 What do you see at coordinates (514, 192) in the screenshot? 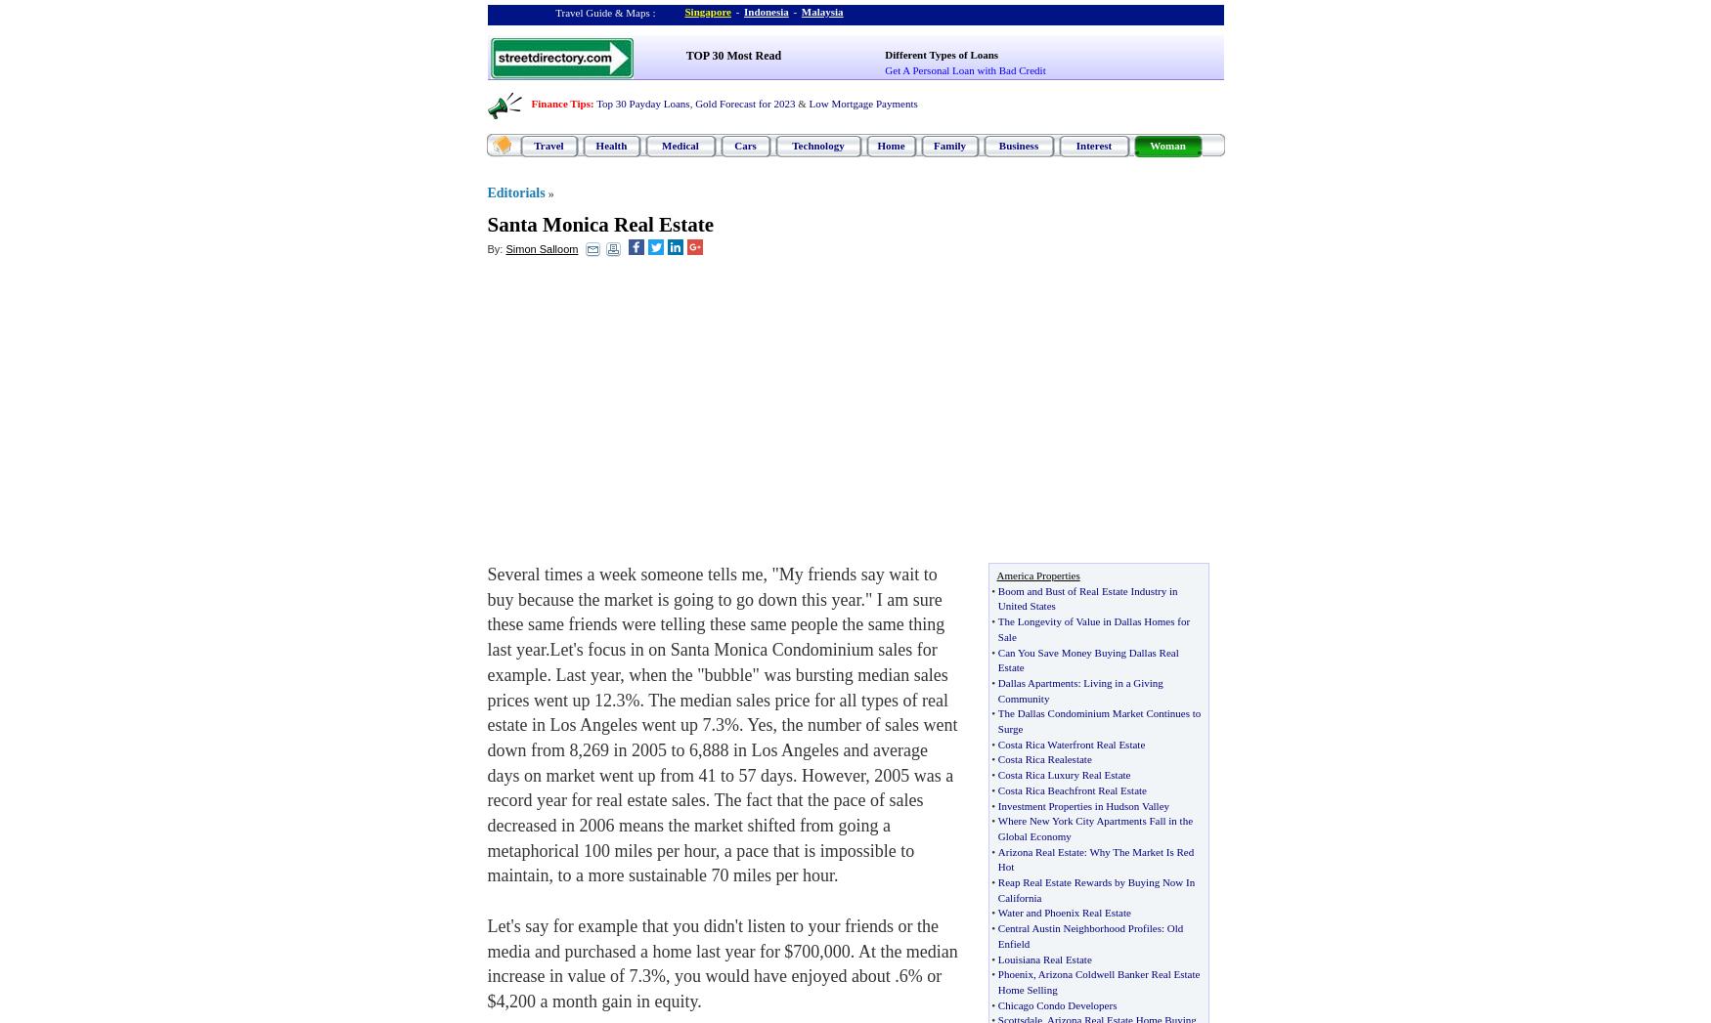
I see `'Editorials'` at bounding box center [514, 192].